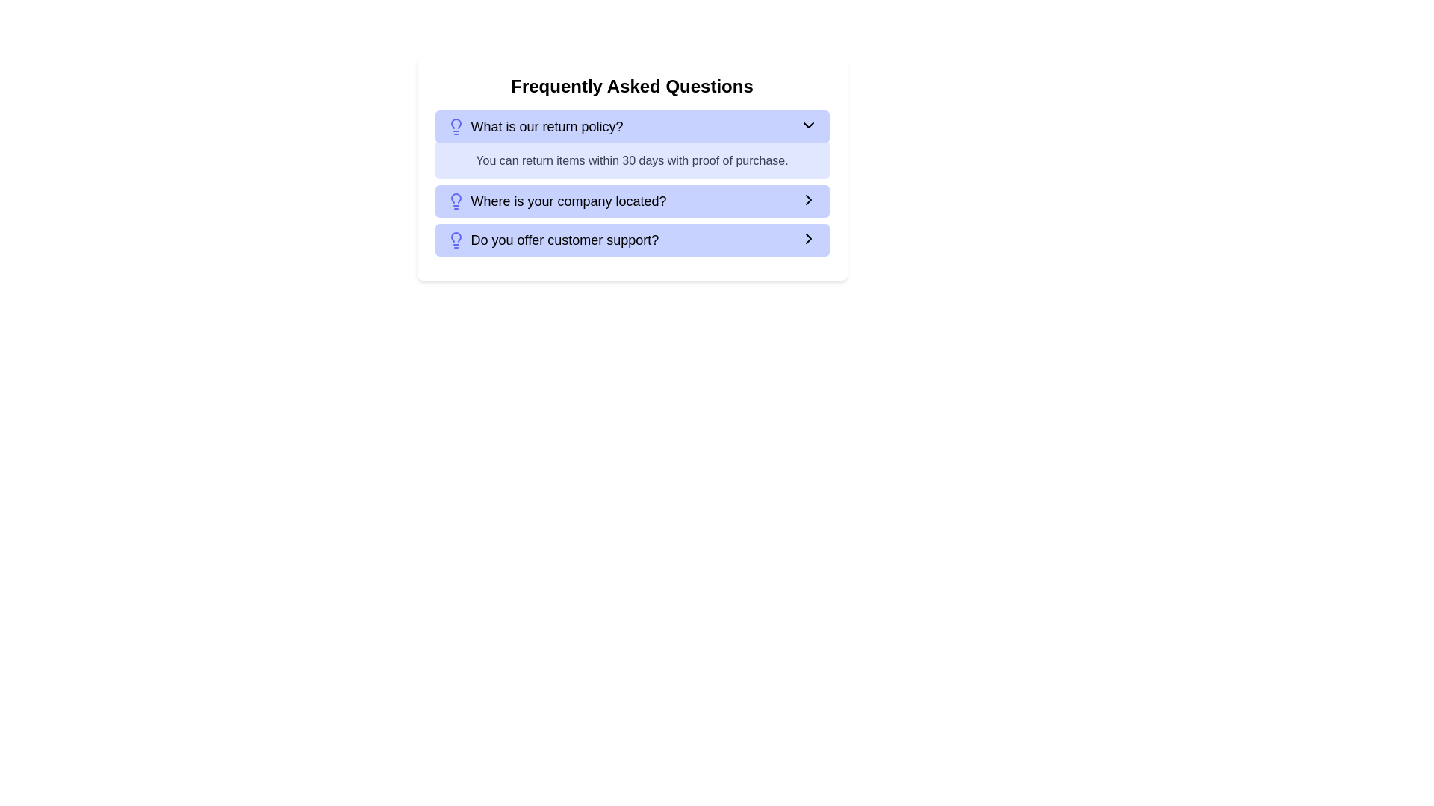 Image resolution: width=1434 pixels, height=806 pixels. Describe the element at coordinates (807, 125) in the screenshot. I see `the downward-facing chevron dropdown icon located to the right of the FAQ question 'What is our return policy?' to interact with the dropdown feature` at that location.